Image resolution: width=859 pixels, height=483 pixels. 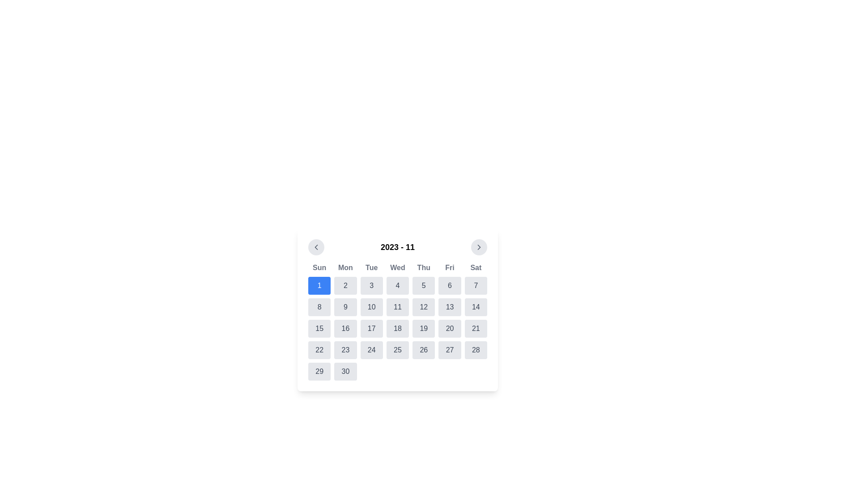 I want to click on the gray rectangular button displaying '6' in a dark gray color, located in the first row of a calendar grid as the sixth item, corresponding to Friday, November 6, 2023, so click(x=450, y=286).